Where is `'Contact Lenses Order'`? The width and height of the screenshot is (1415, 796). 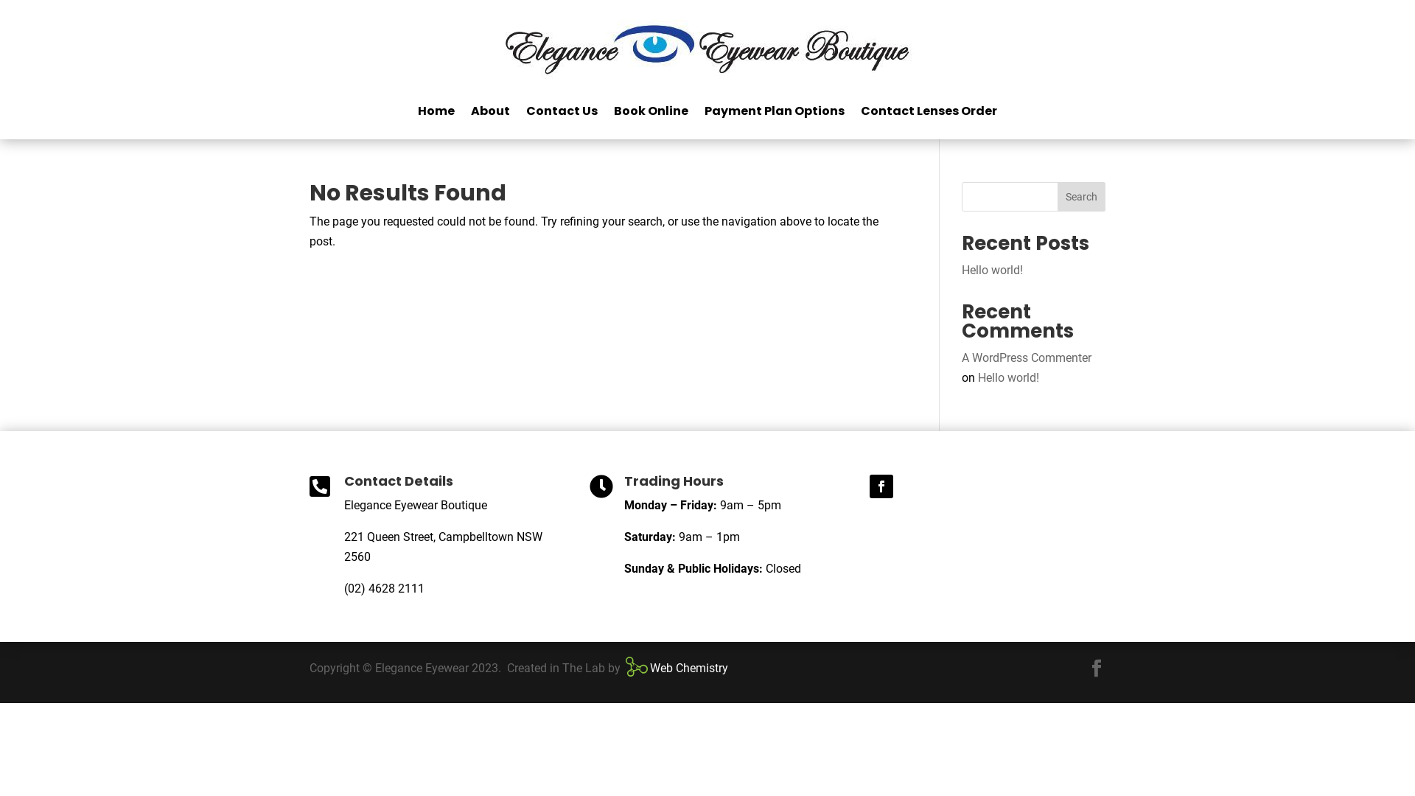
'Contact Lenses Order' is located at coordinates (860, 110).